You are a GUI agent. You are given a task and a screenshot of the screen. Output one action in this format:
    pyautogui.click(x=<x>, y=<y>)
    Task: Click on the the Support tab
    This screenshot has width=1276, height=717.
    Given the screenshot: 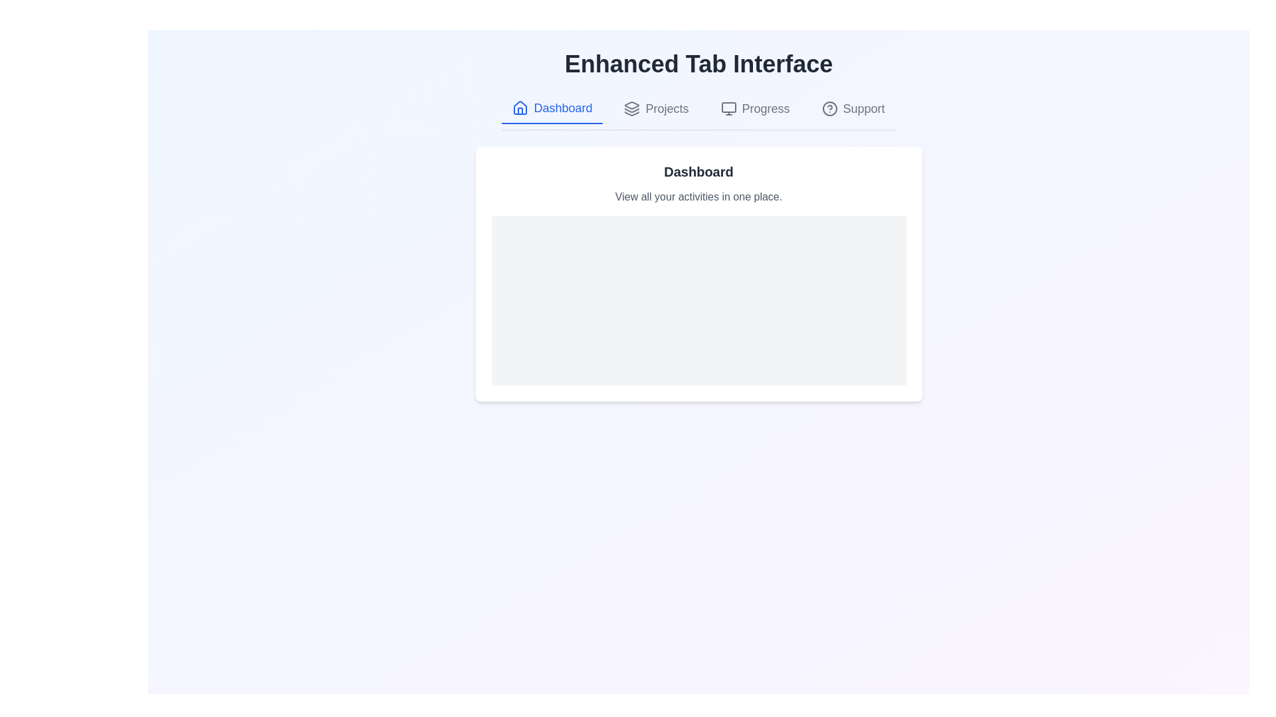 What is the action you would take?
    pyautogui.click(x=853, y=108)
    